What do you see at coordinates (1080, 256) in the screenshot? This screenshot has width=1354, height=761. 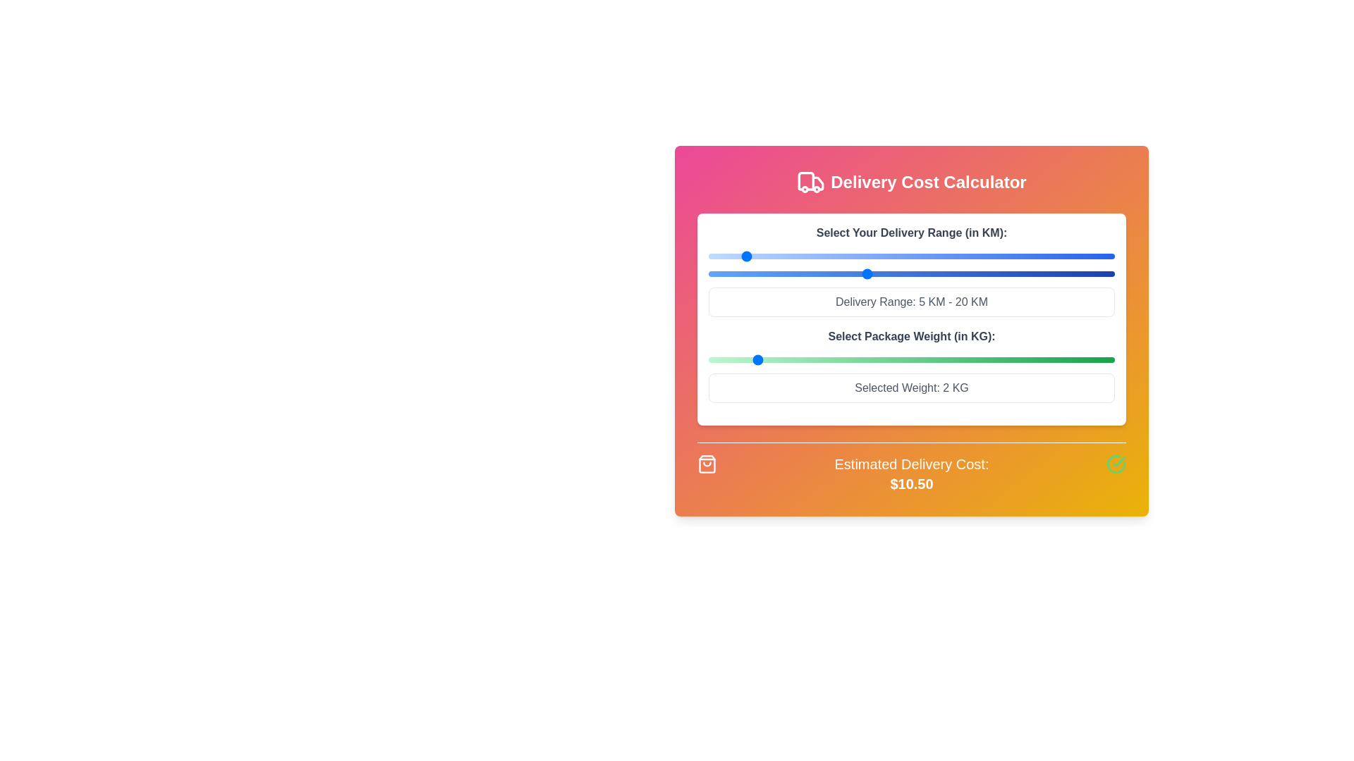 I see `the delivery range` at bounding box center [1080, 256].